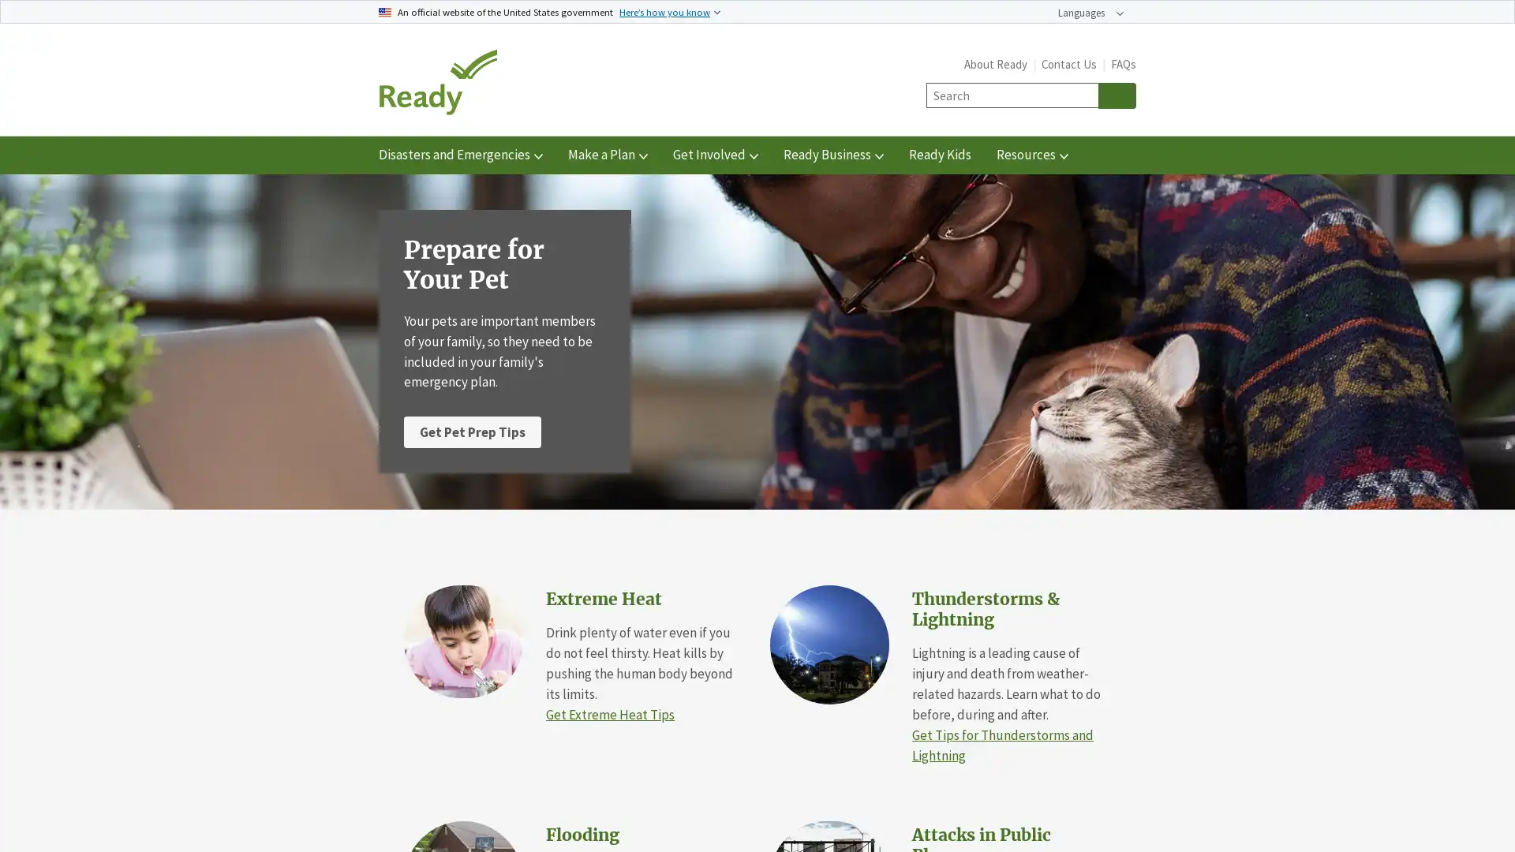  Describe the element at coordinates (1032, 155) in the screenshot. I see `Resources` at that location.